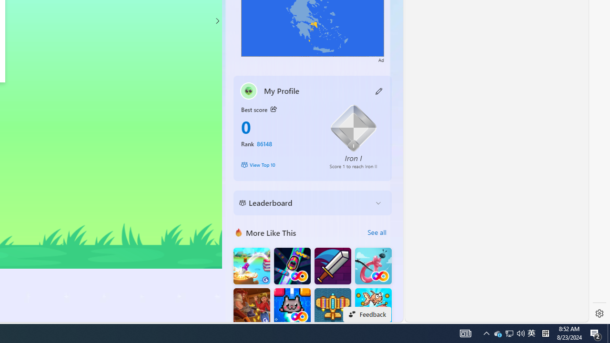 This screenshot has height=343, width=610. What do you see at coordinates (252, 266) in the screenshot?
I see `'Knife Flip'` at bounding box center [252, 266].